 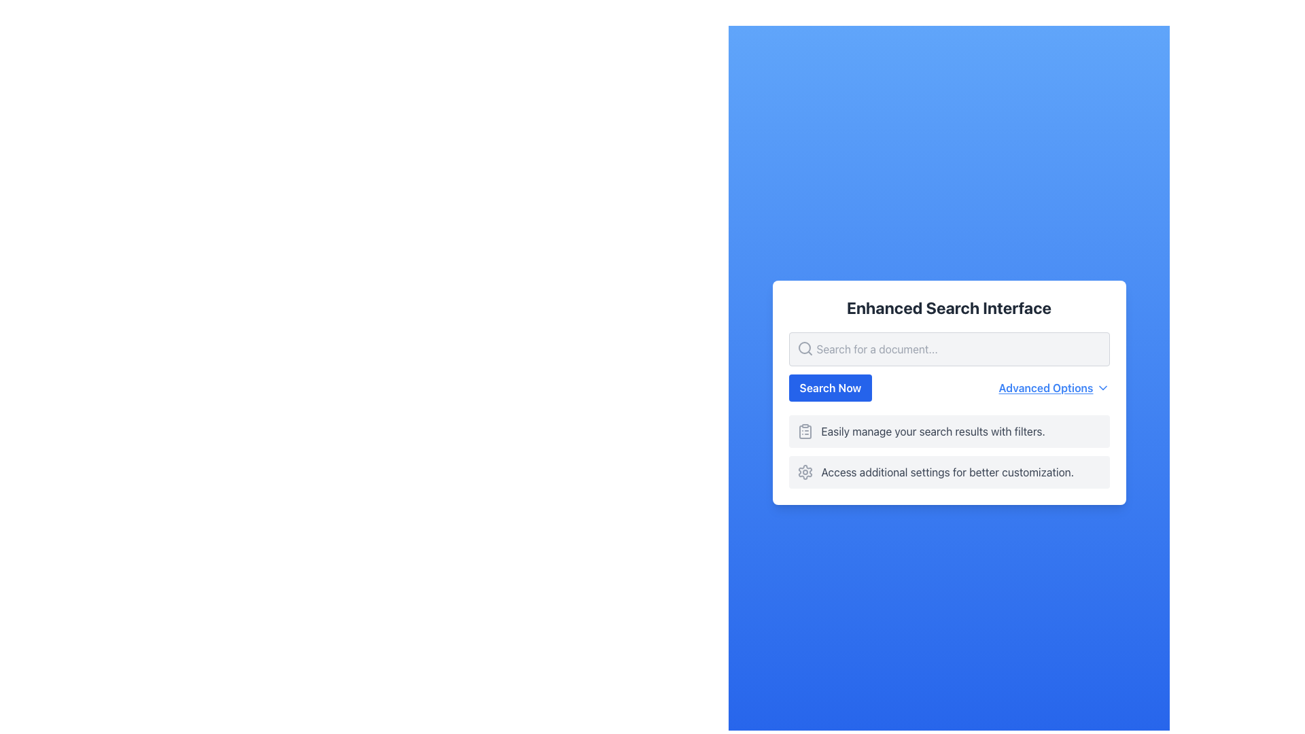 What do you see at coordinates (805, 471) in the screenshot?
I see `the settings icon located at the beginning of the row containing the text 'Access additional settings for better customization.'` at bounding box center [805, 471].